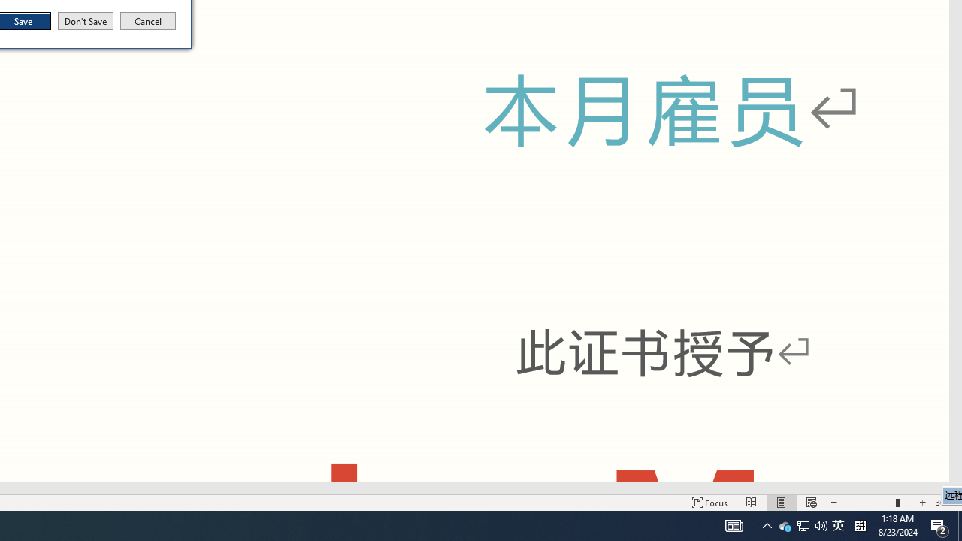 Image resolution: width=962 pixels, height=541 pixels. What do you see at coordinates (878, 503) in the screenshot?
I see `'Zoom'` at bounding box center [878, 503].